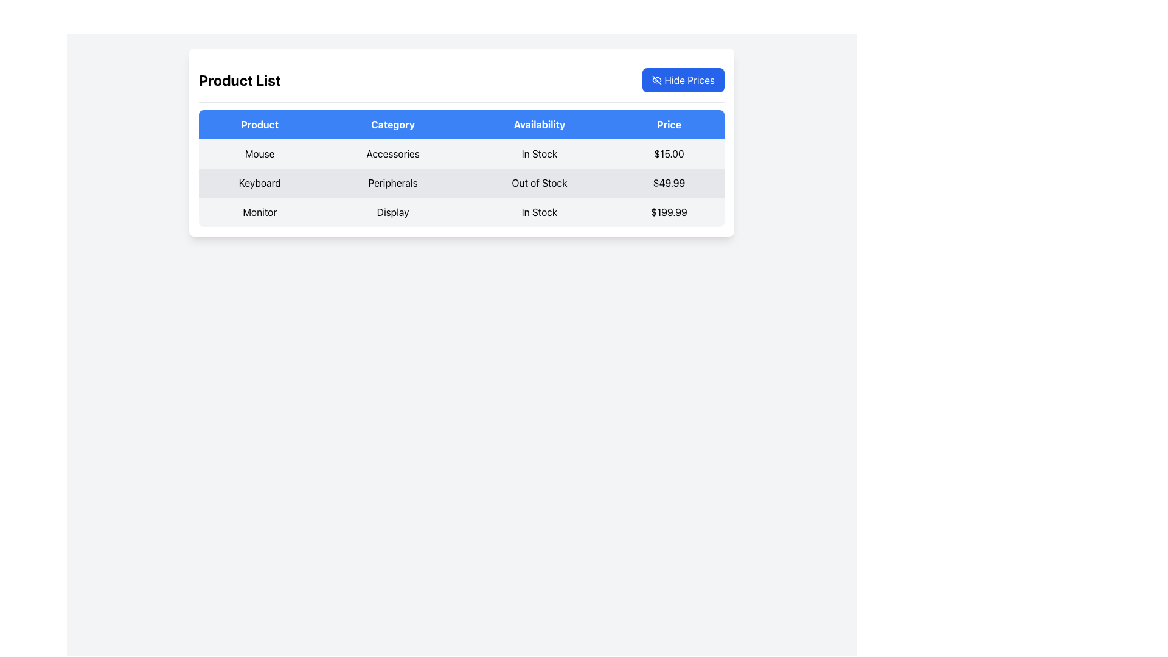 The height and width of the screenshot is (657, 1168). I want to click on the 'Hide Prices' button which contains the eye-off icon indicating a hide functionality, located at the top-right corner of the table header, so click(656, 80).